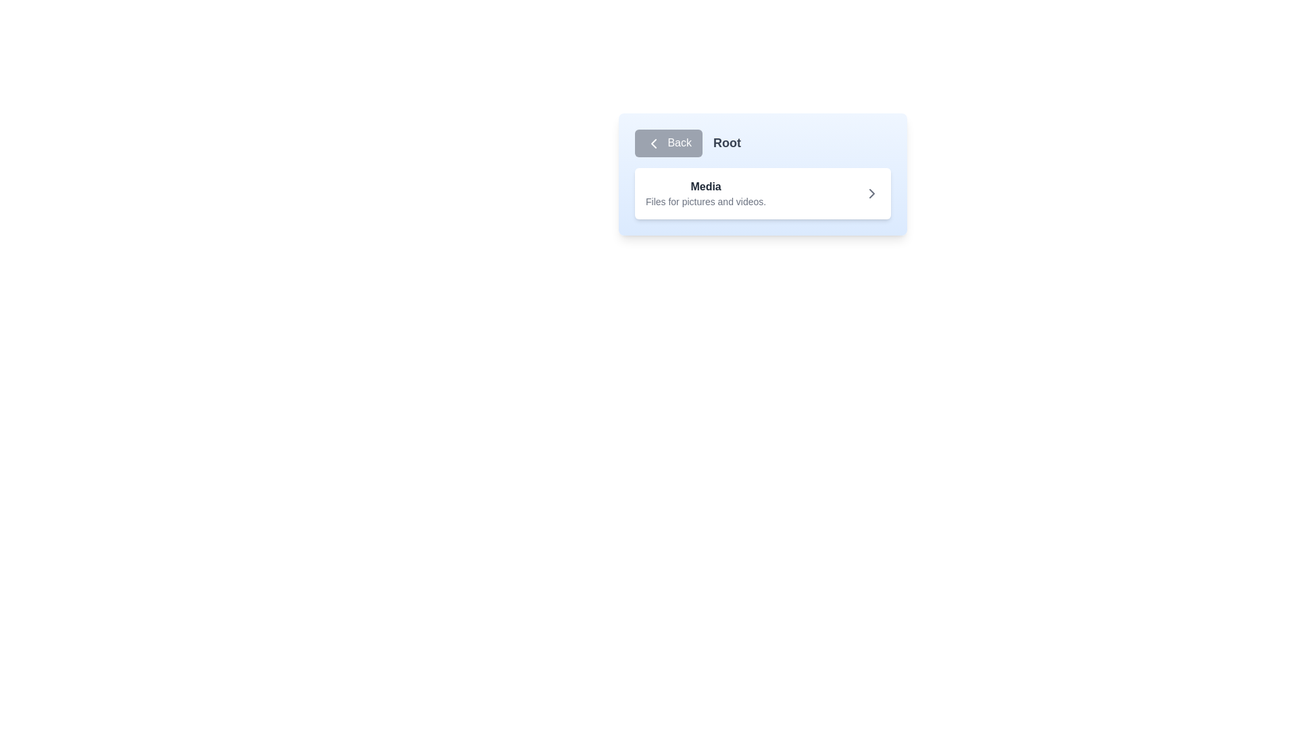 The image size is (1297, 729). I want to click on the 'Back' button, which is a rectangular button with rounded corners, styled with a blue background and white text, located at the top-left corner of the interface, so click(668, 143).